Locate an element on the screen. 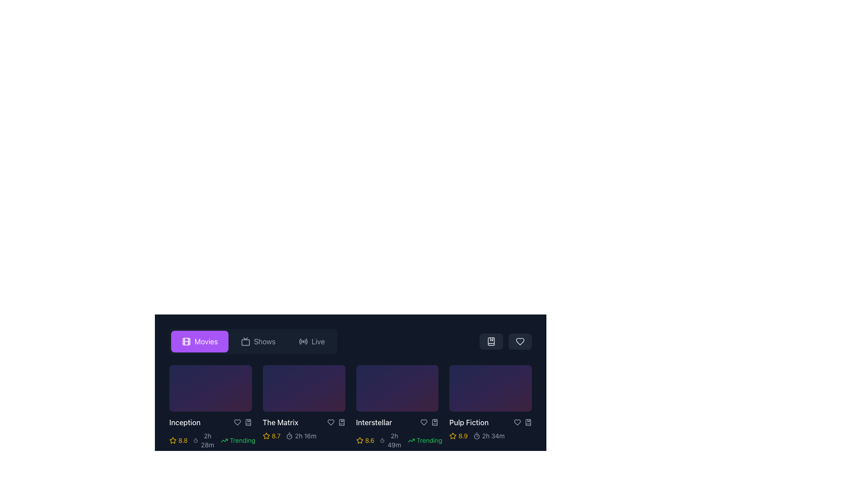 This screenshot has width=867, height=488. the play button located within the 'Inception' movie card is located at coordinates (210, 407).